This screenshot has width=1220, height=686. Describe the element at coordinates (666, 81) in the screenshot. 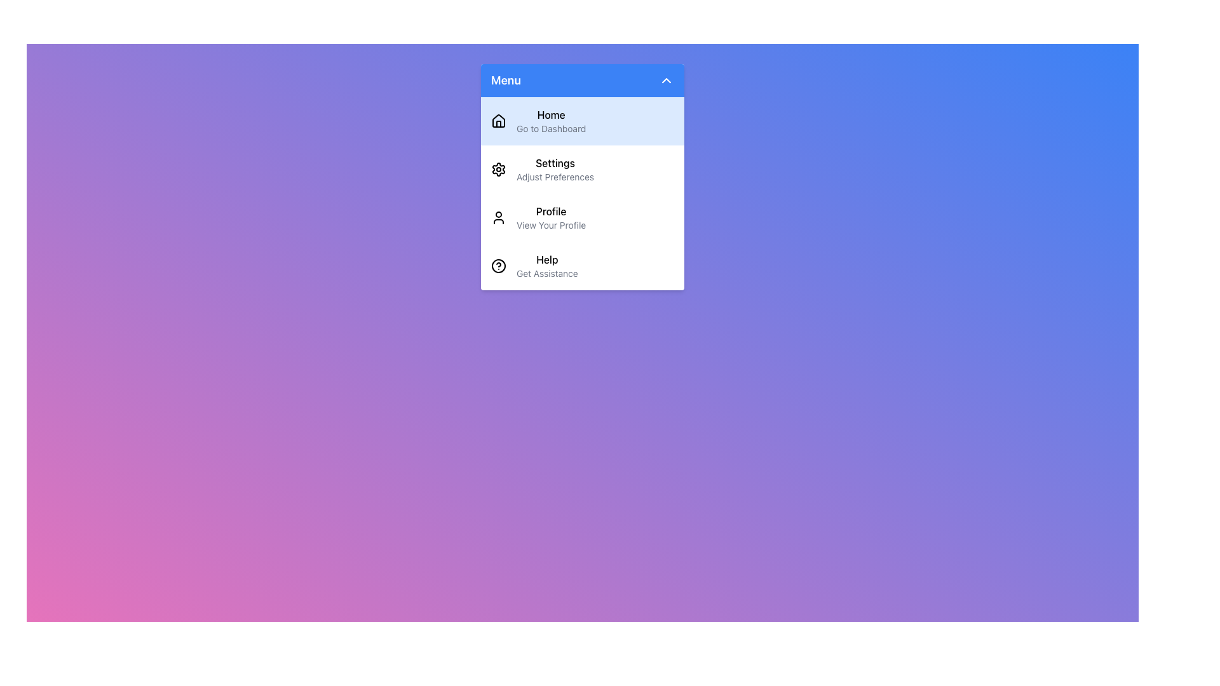

I see `the icon located at the right edge of the 'Menu' header` at that location.